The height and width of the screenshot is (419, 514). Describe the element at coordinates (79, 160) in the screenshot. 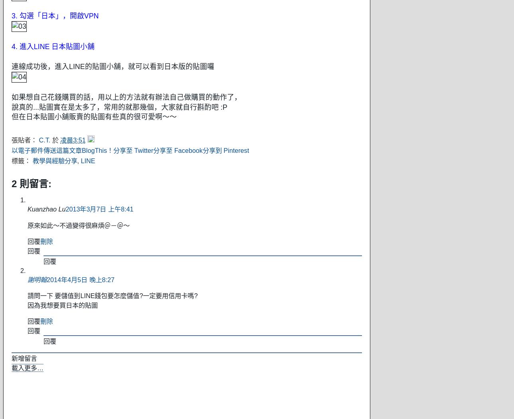

I see `','` at that location.